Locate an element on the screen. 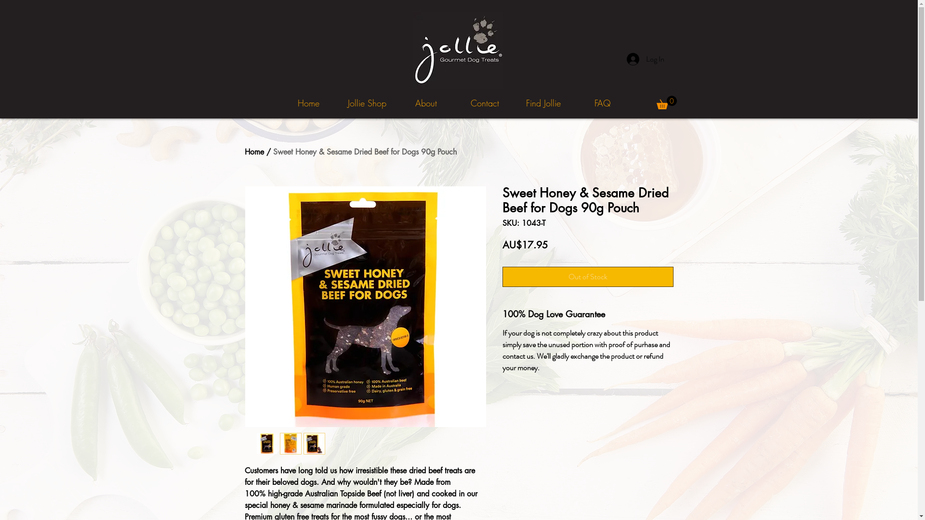  'Contact' is located at coordinates (455, 103).